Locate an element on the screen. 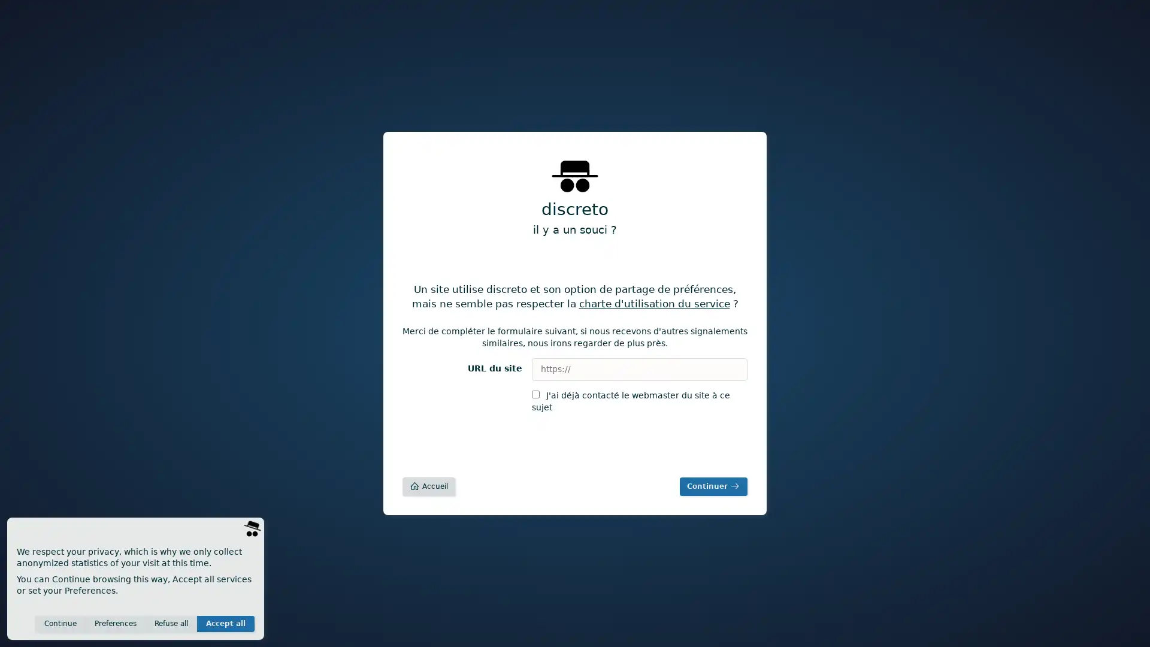 The width and height of the screenshot is (1150, 647). Preferences is located at coordinates (115, 623).